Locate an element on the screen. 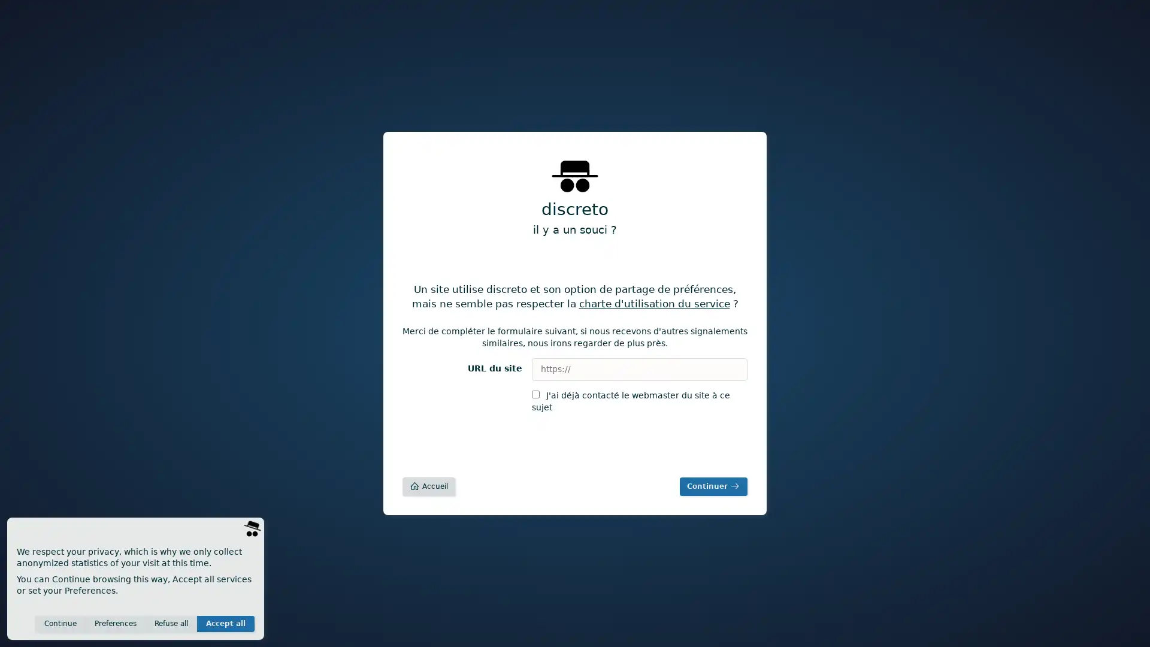 The width and height of the screenshot is (1150, 647). Preferences is located at coordinates (115, 623).